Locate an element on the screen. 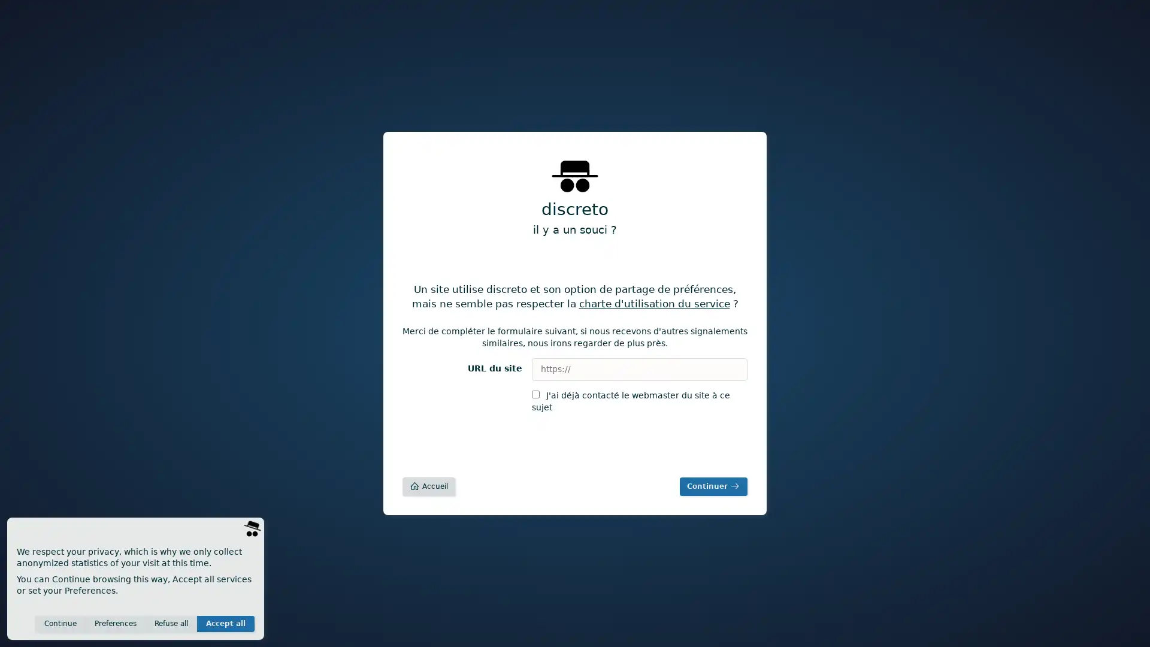 The width and height of the screenshot is (1150, 647). Preferences is located at coordinates (115, 623).